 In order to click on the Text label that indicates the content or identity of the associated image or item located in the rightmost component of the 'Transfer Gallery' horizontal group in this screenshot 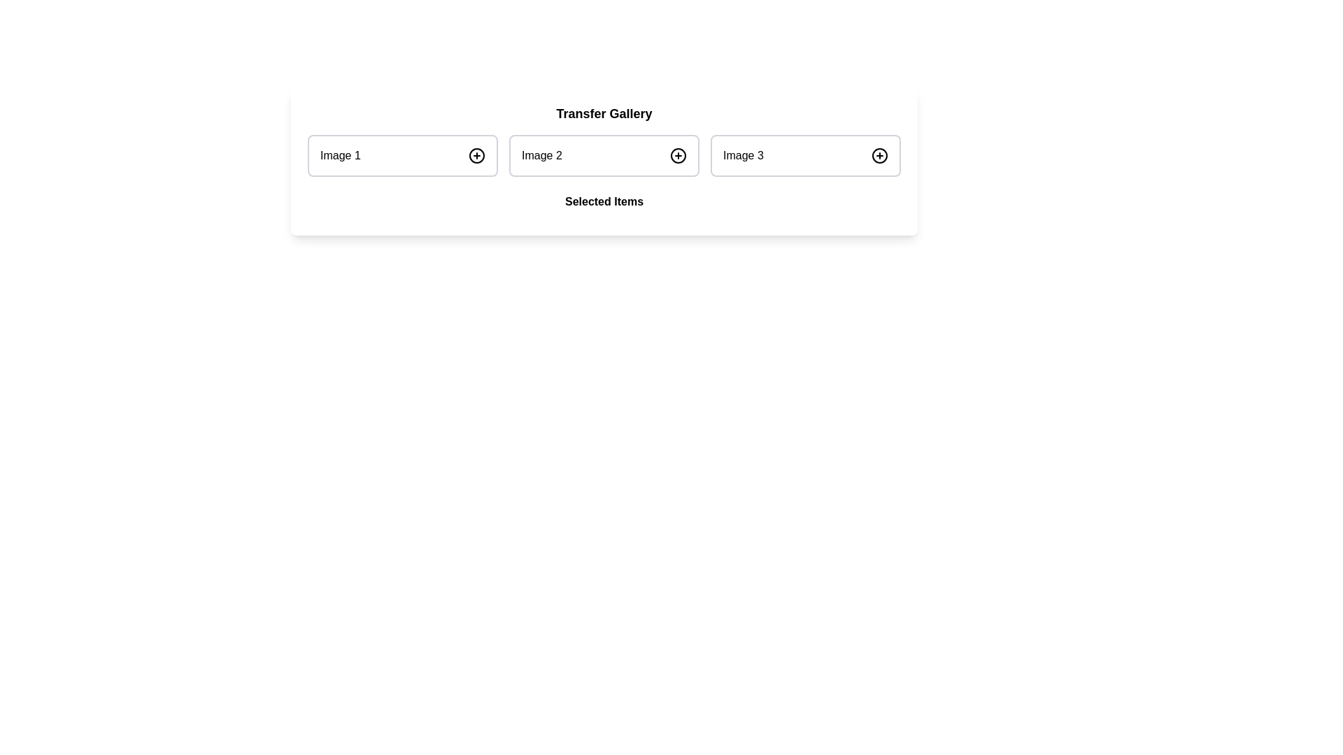, I will do `click(742, 156)`.